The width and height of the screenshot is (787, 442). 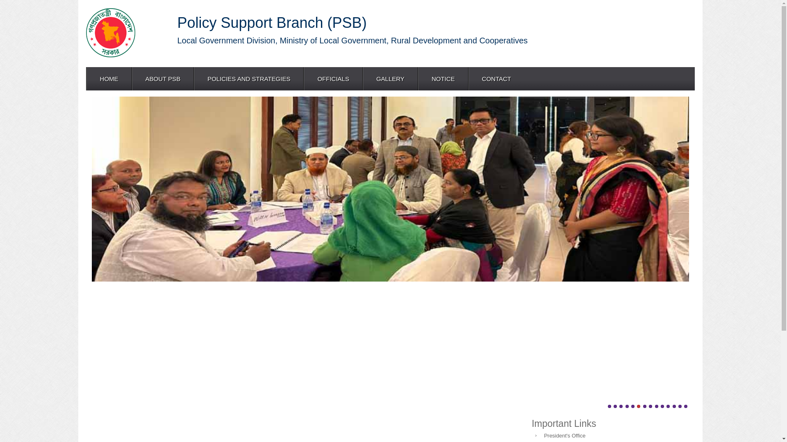 What do you see at coordinates (496, 79) in the screenshot?
I see `'CONTACT'` at bounding box center [496, 79].